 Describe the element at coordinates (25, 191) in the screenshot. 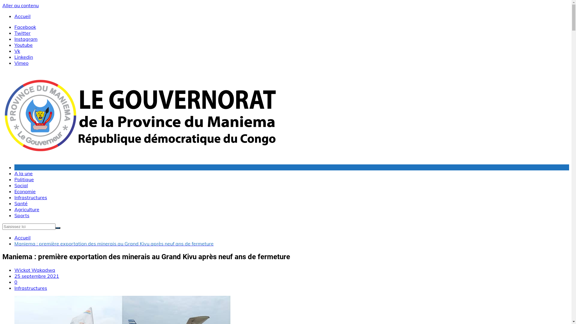

I see `'Economie'` at that location.